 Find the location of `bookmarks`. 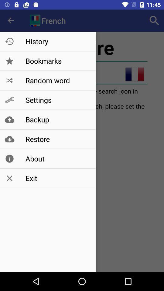

bookmarks is located at coordinates (57, 61).